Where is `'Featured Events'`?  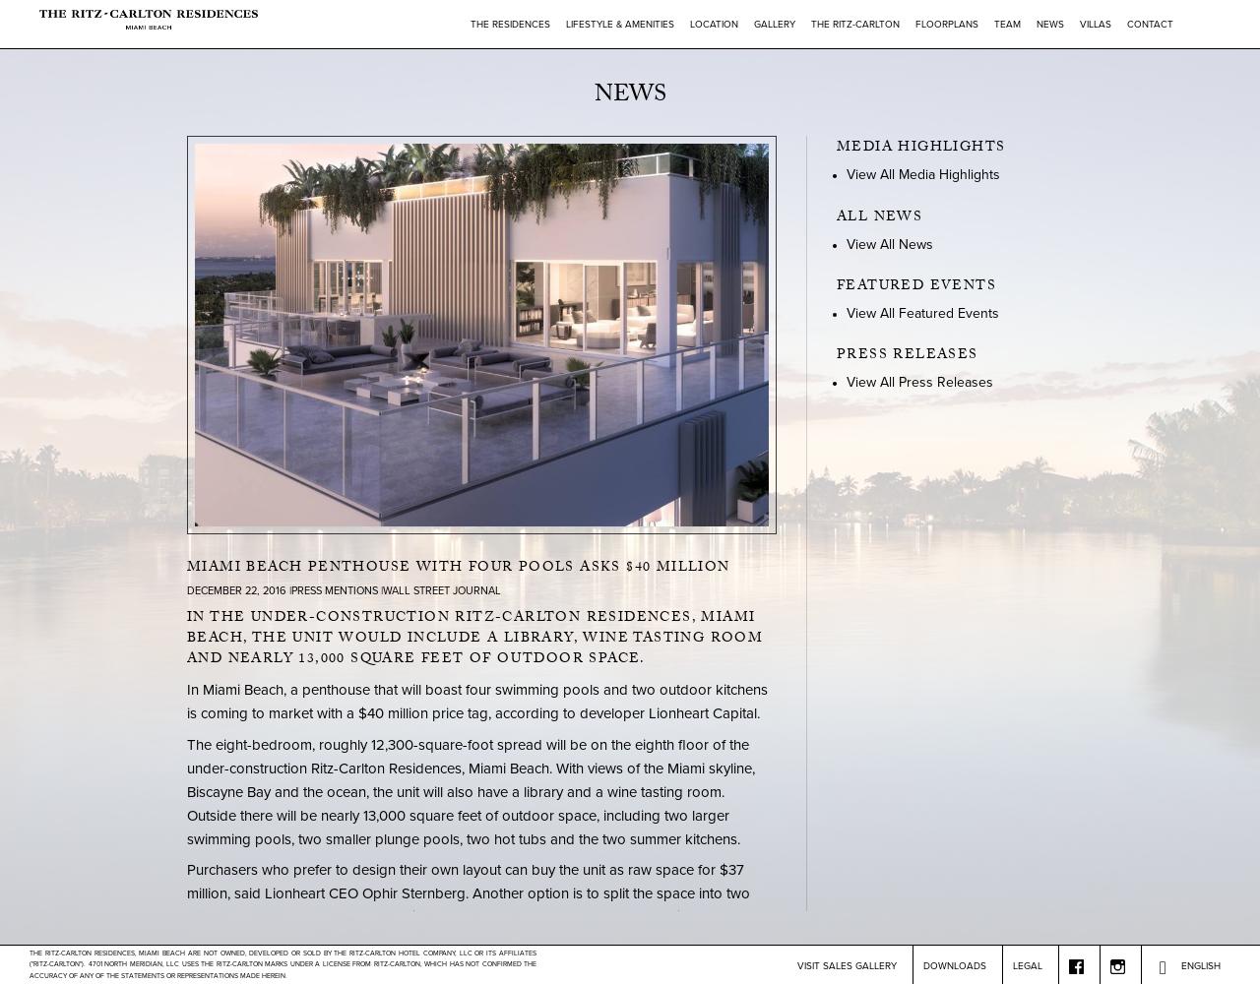
'Featured Events' is located at coordinates (914, 286).